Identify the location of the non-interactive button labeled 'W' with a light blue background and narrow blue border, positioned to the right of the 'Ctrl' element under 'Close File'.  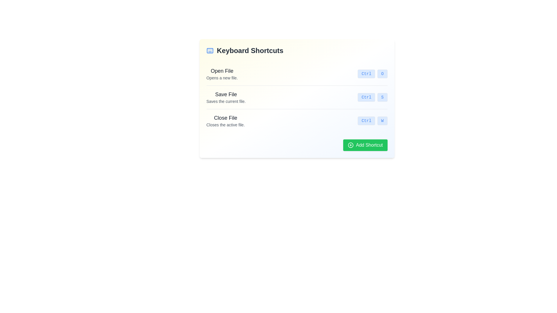
(382, 120).